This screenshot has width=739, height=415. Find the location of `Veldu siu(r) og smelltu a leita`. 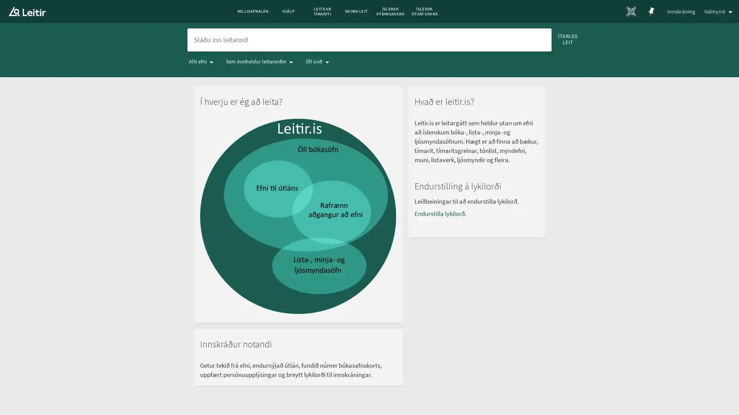

Veldu siu(r) og smelltu a leita is located at coordinates (540, 43).